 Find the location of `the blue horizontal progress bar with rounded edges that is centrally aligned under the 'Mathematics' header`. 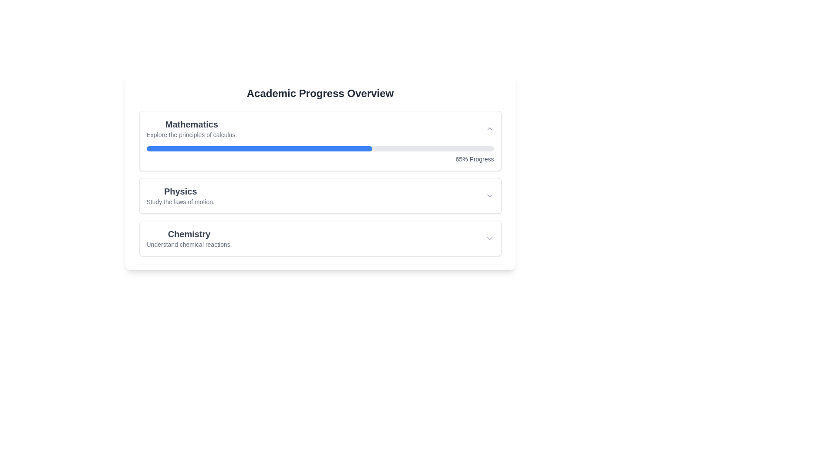

the blue horizontal progress bar with rounded edges that is centrally aligned under the 'Mathematics' header is located at coordinates (259, 148).